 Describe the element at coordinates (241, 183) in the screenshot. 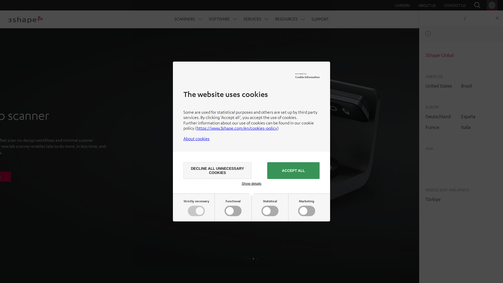

I see `'Show details'` at that location.